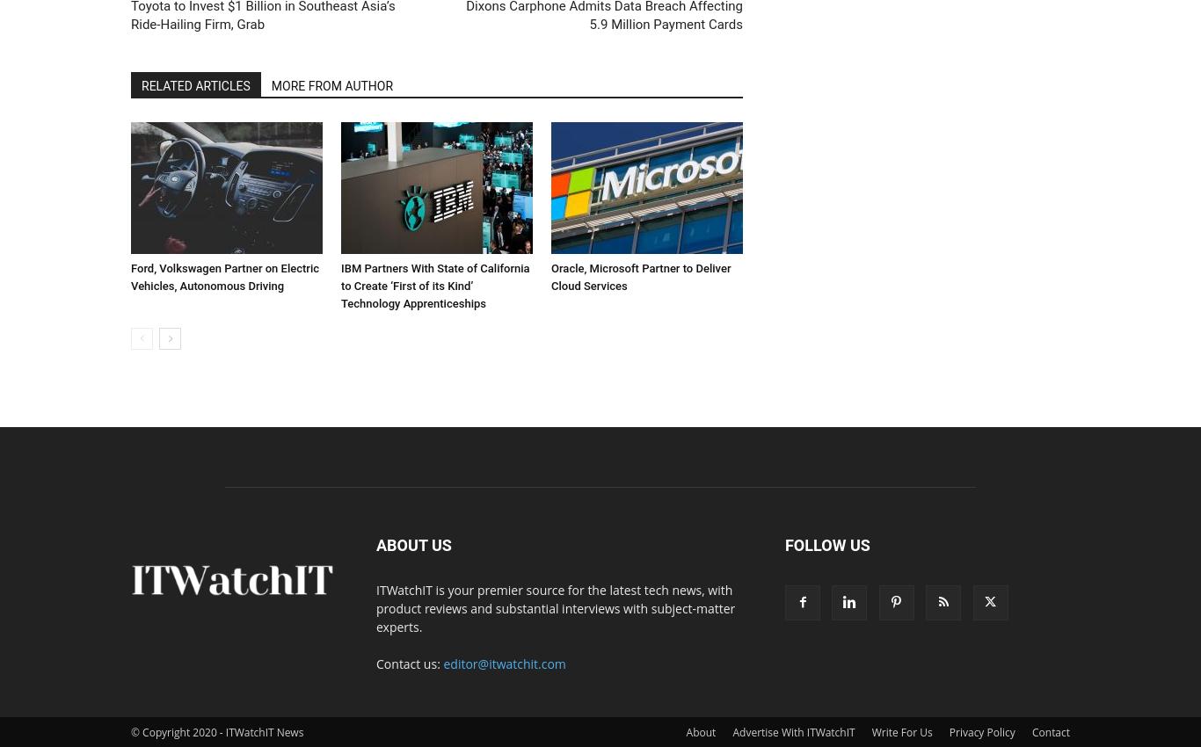 Image resolution: width=1201 pixels, height=747 pixels. Describe the element at coordinates (339, 285) in the screenshot. I see `'IBM Partners With State of California to Create ‘First of its Kind’ Technology Apprenticeships'` at that location.